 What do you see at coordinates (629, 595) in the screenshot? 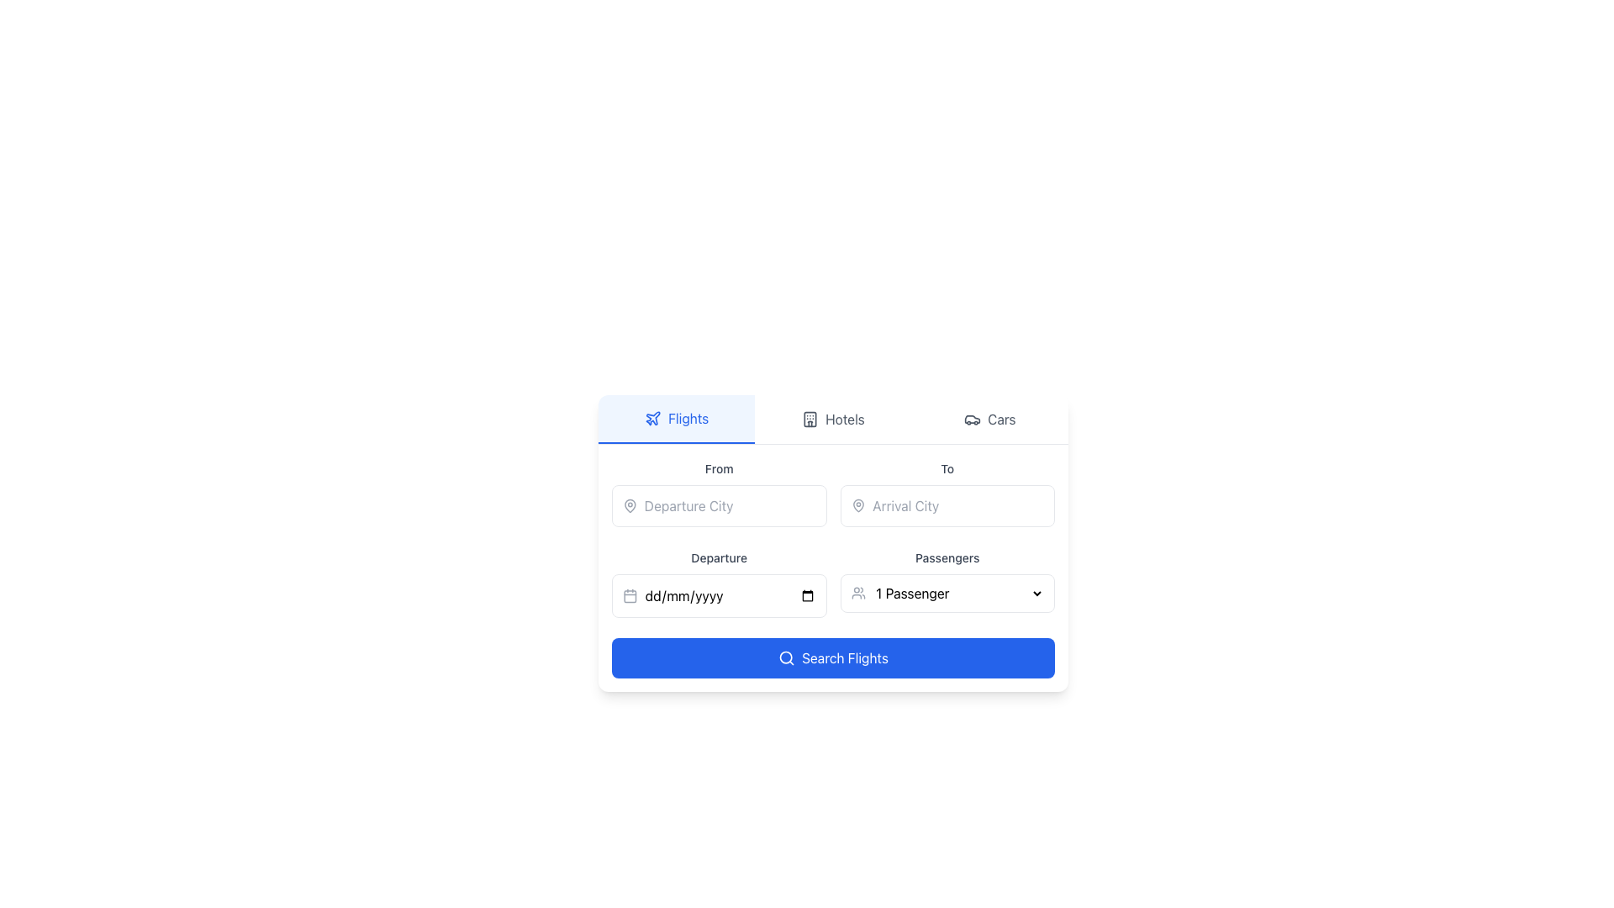
I see `the calendar icon, which is a minimalistic gray outlined icon with a rectangular shape and two vertical lines on top` at bounding box center [629, 595].